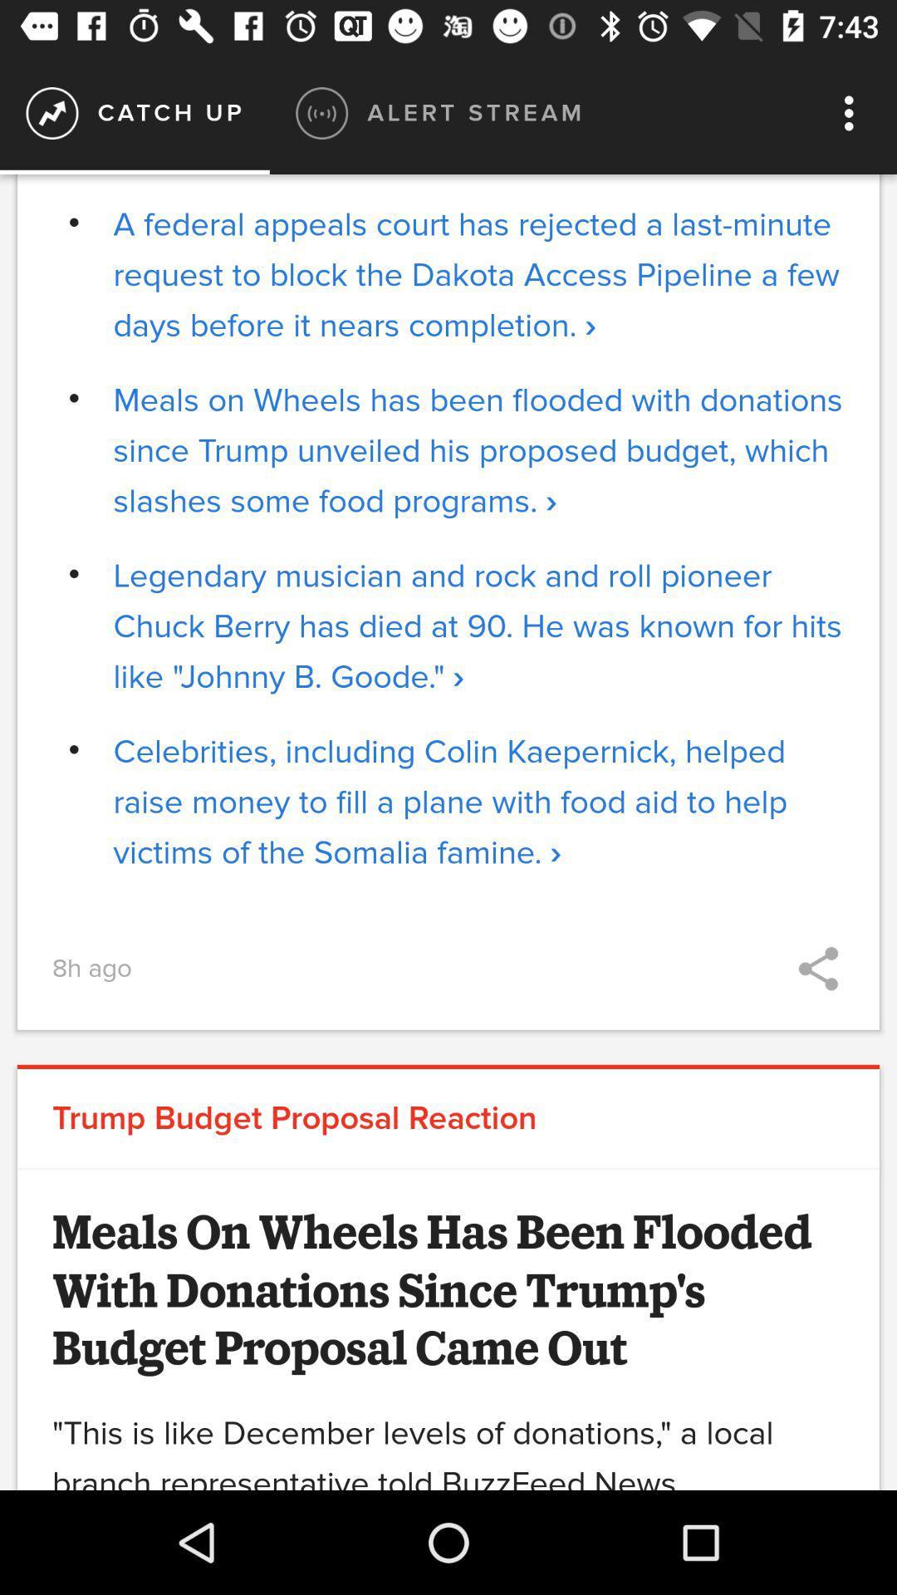  What do you see at coordinates (817, 969) in the screenshot?
I see `share the article` at bounding box center [817, 969].